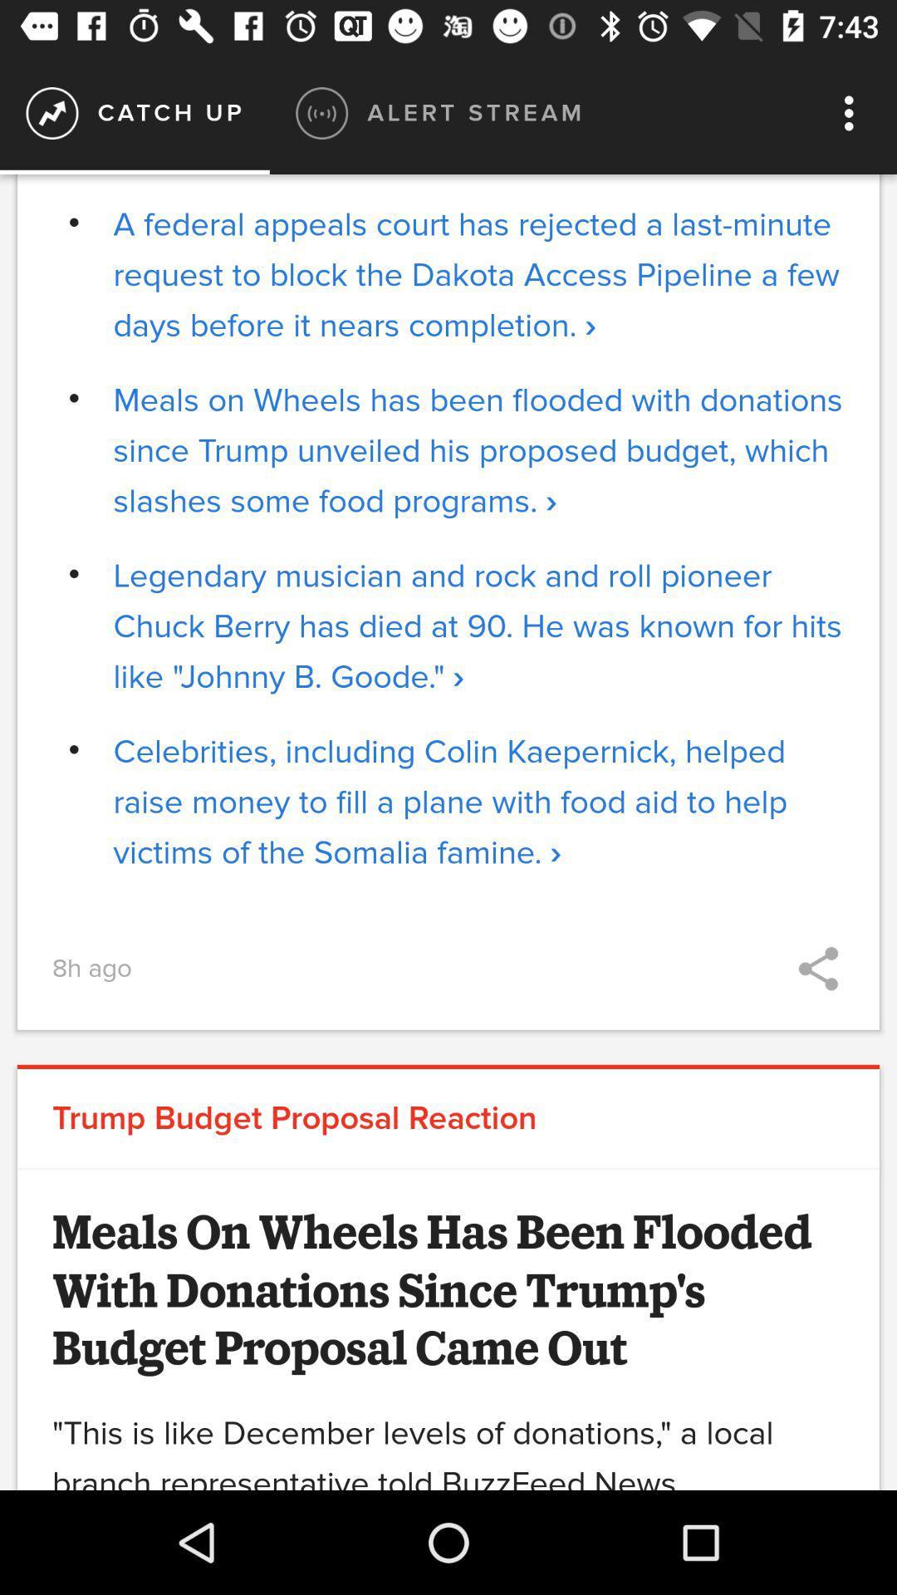  What do you see at coordinates (817, 969) in the screenshot?
I see `share the article` at bounding box center [817, 969].